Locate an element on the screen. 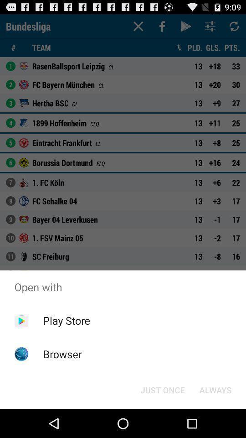 This screenshot has width=246, height=438. always at the bottom right corner is located at coordinates (215, 389).